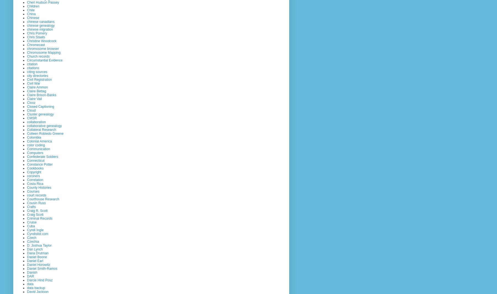 The width and height of the screenshot is (497, 294). Describe the element at coordinates (42, 156) in the screenshot. I see `'Confederate Soldiers'` at that location.